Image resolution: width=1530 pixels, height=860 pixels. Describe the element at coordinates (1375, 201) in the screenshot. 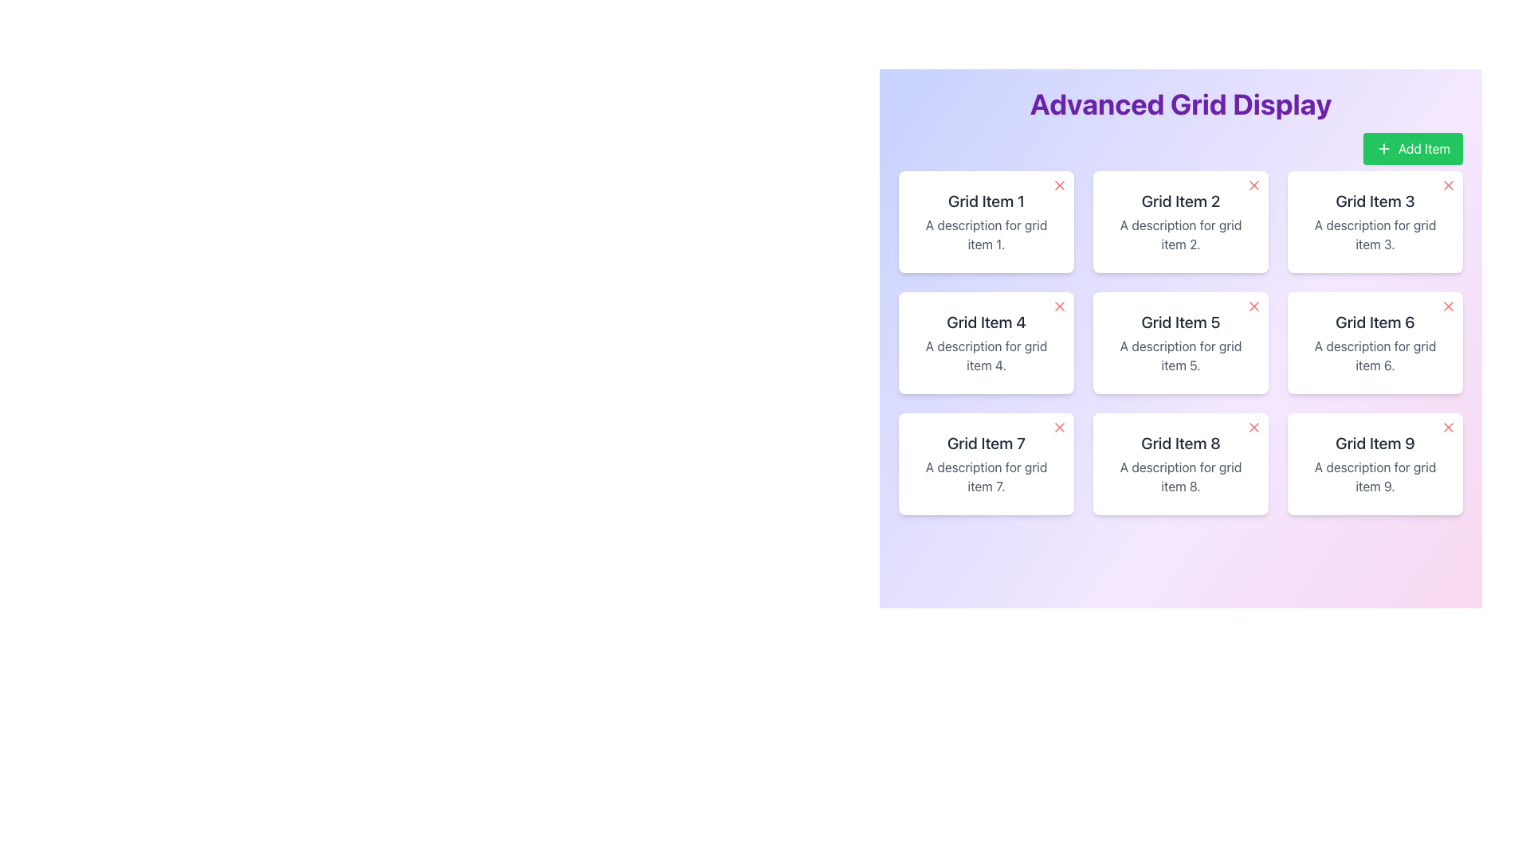

I see `the label 'Grid Item 3' located in the third grid item of the top row in the grid layout` at that location.